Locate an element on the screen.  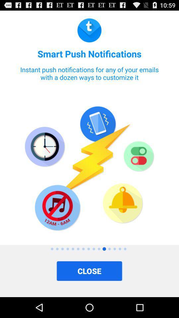
the close is located at coordinates (89, 271).